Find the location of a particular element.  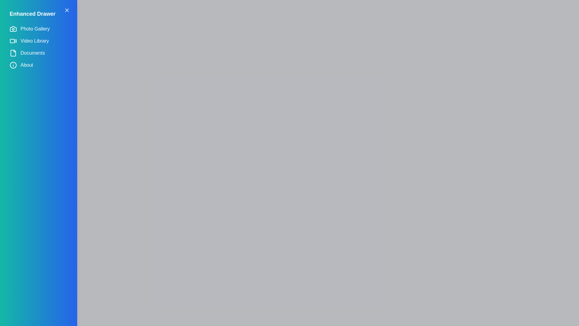

the 'About' icon located in the last row of the vertical navigation list, positioned at the far left and above the 'About' text is located at coordinates (13, 65).